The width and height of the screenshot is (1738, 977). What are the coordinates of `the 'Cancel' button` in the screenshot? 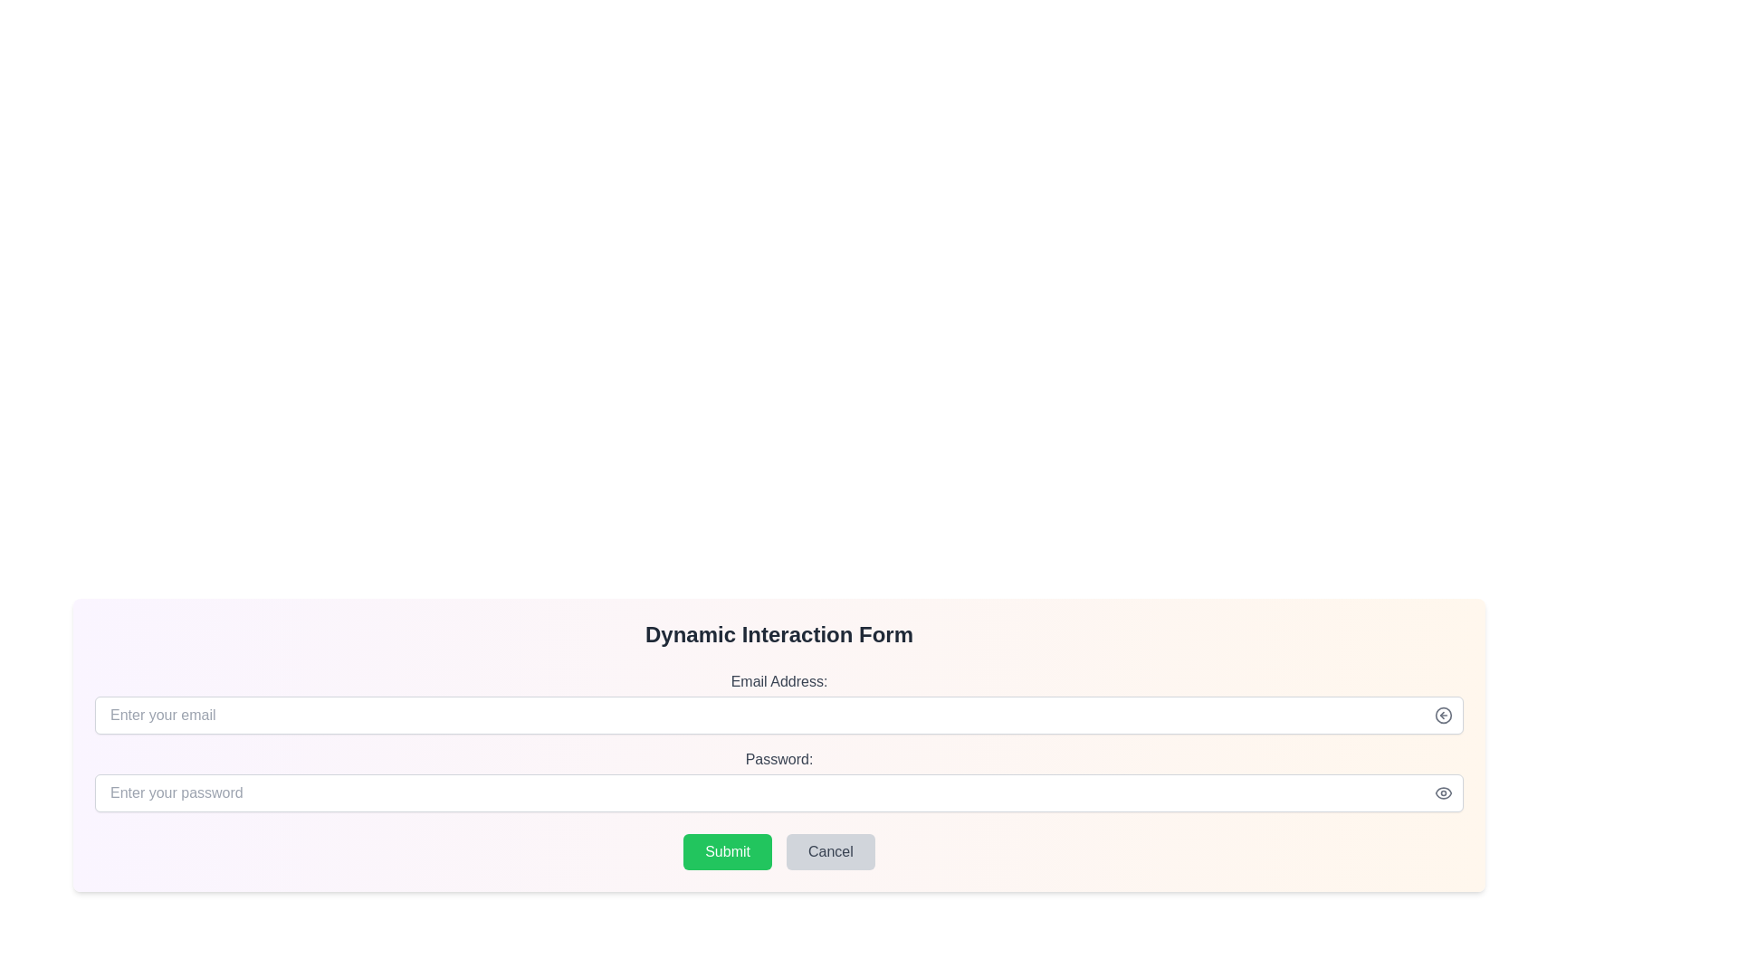 It's located at (829, 851).